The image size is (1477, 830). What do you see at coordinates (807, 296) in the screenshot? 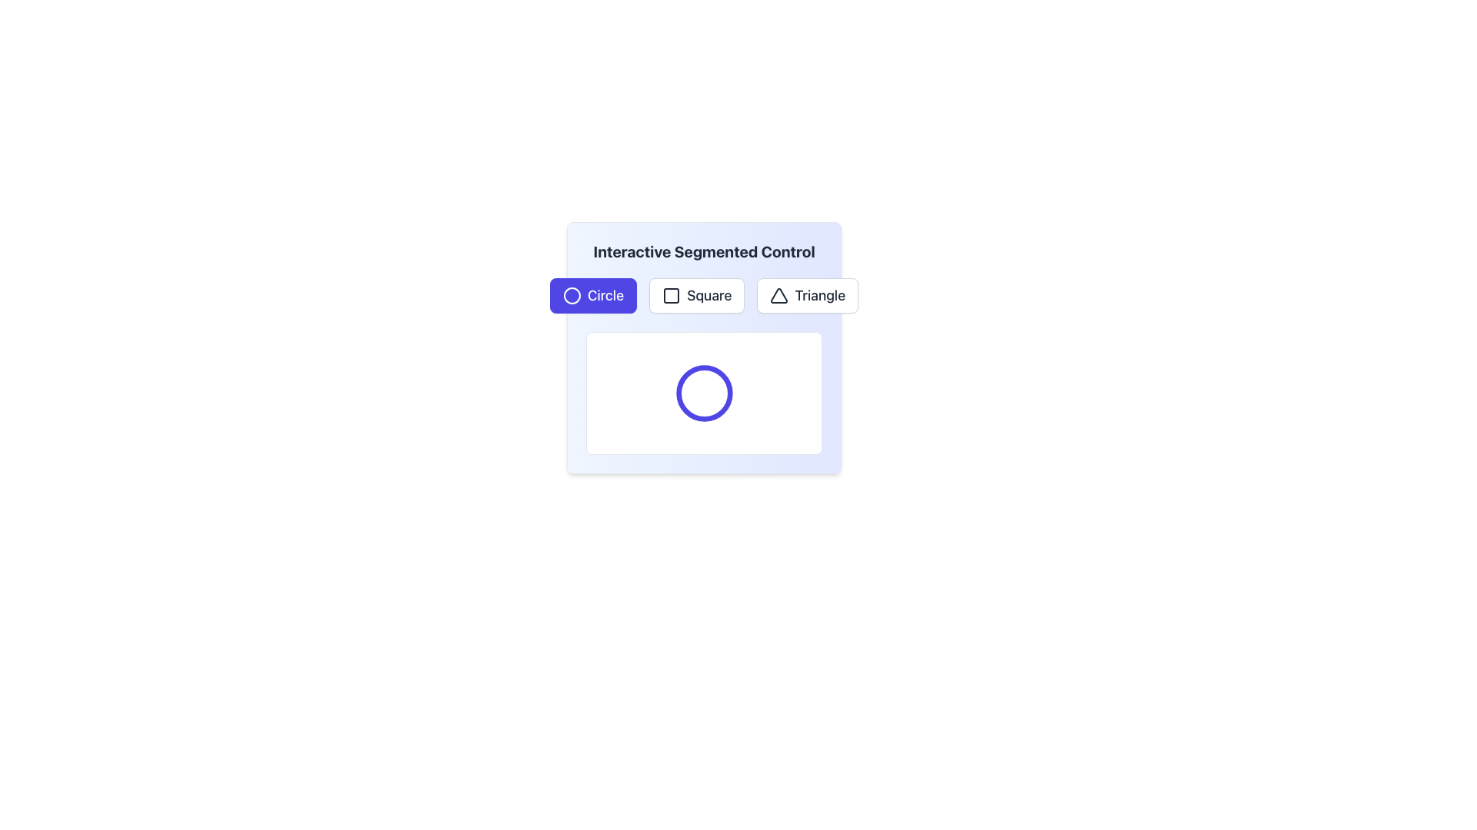
I see `the button labeled 'Triangle', which is the third button in a horizontal list of three buttons, styled with a white background and gray text` at bounding box center [807, 296].